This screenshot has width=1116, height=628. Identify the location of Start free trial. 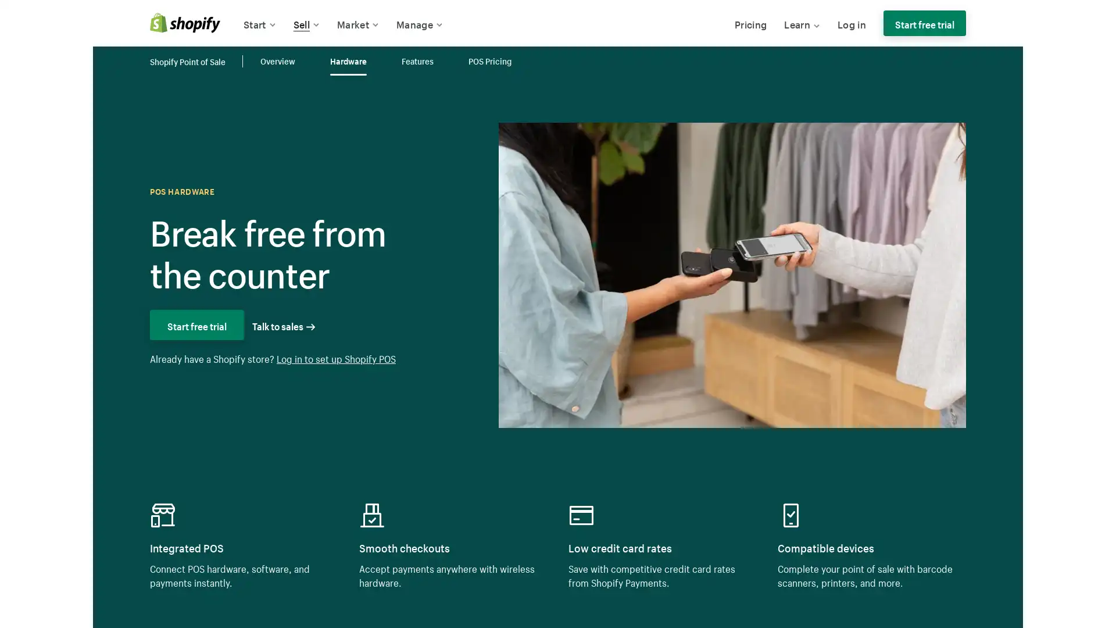
(197, 325).